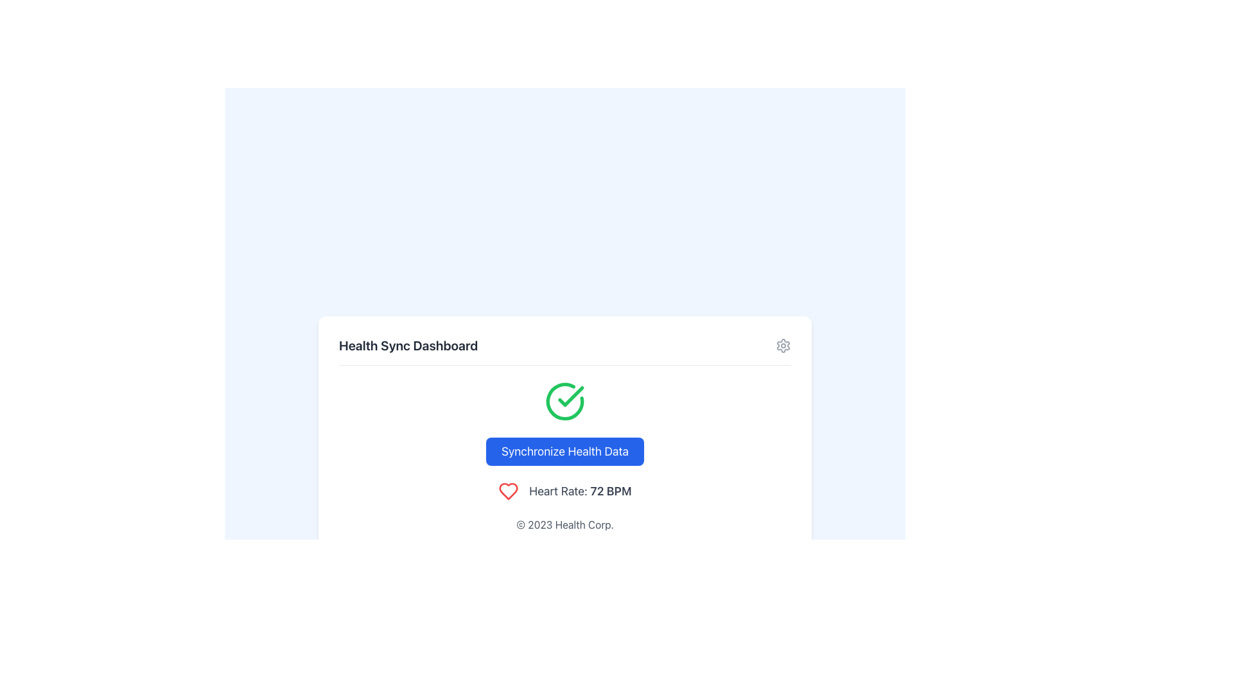  What do you see at coordinates (782, 345) in the screenshot?
I see `the settings button located at the top-right corner of the 'Health Sync Dashboard' header` at bounding box center [782, 345].